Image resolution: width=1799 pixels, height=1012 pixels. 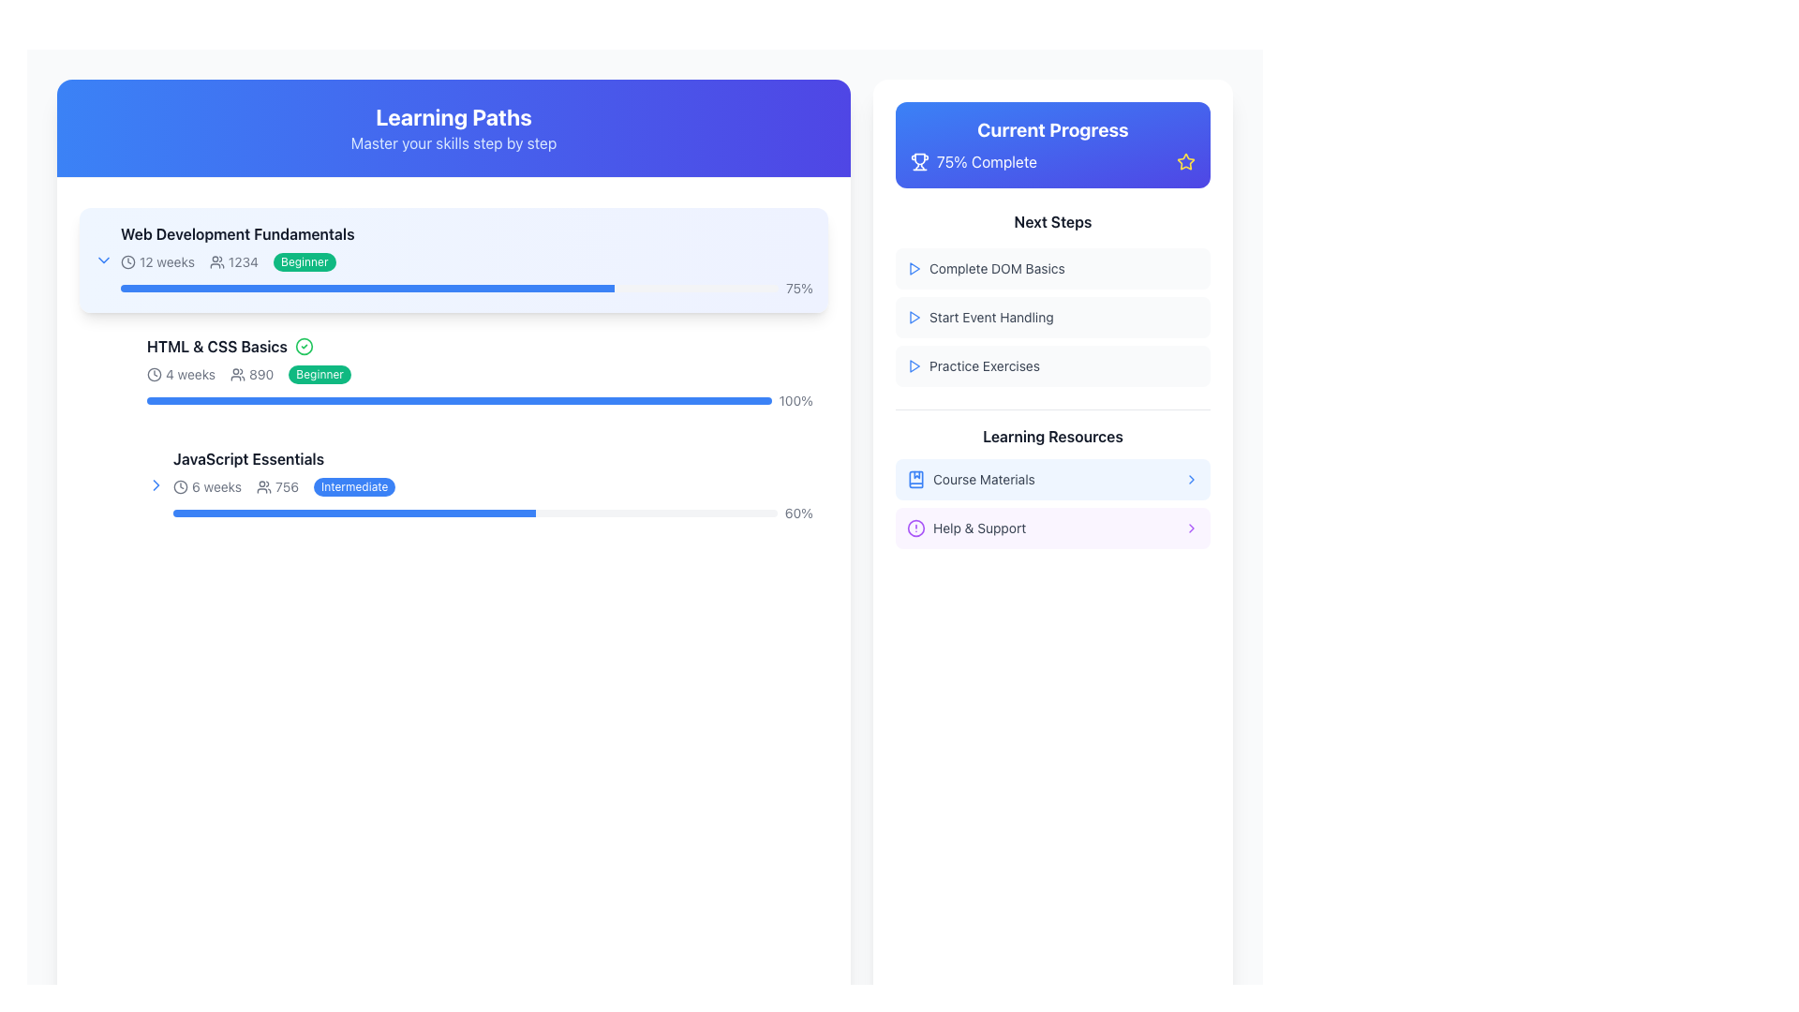 What do you see at coordinates (493, 513) in the screenshot?
I see `the progress bar indicating the completion percentage of the 'JavaScript Essentials' course, located beneath the '6 weeks', '756', and 'Intermediate' labels` at bounding box center [493, 513].